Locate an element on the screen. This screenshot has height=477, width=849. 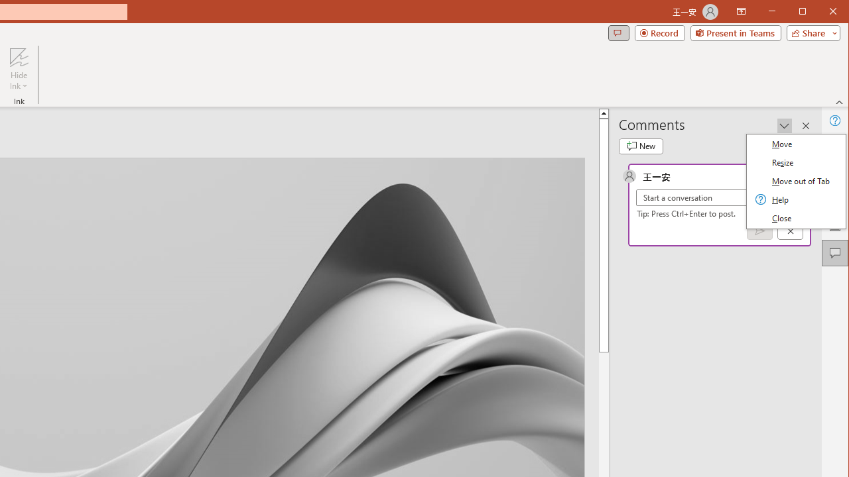
'Maximize' is located at coordinates (821, 13).